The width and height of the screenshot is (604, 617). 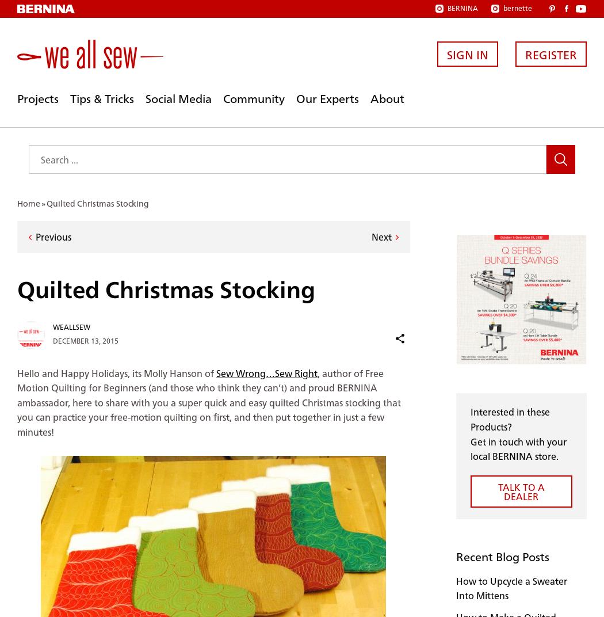 What do you see at coordinates (125, 449) in the screenshot?
I see `'December 14, 2015 at 3:36 pm'` at bounding box center [125, 449].